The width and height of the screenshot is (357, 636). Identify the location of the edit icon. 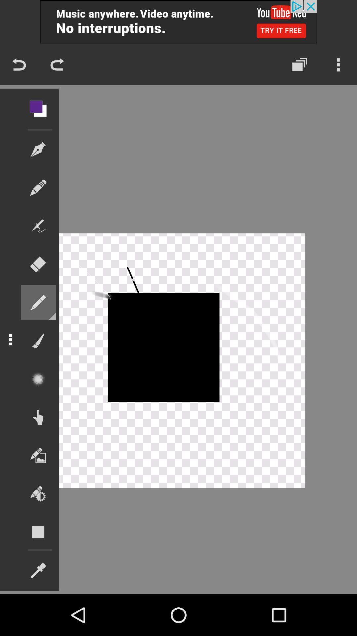
(38, 187).